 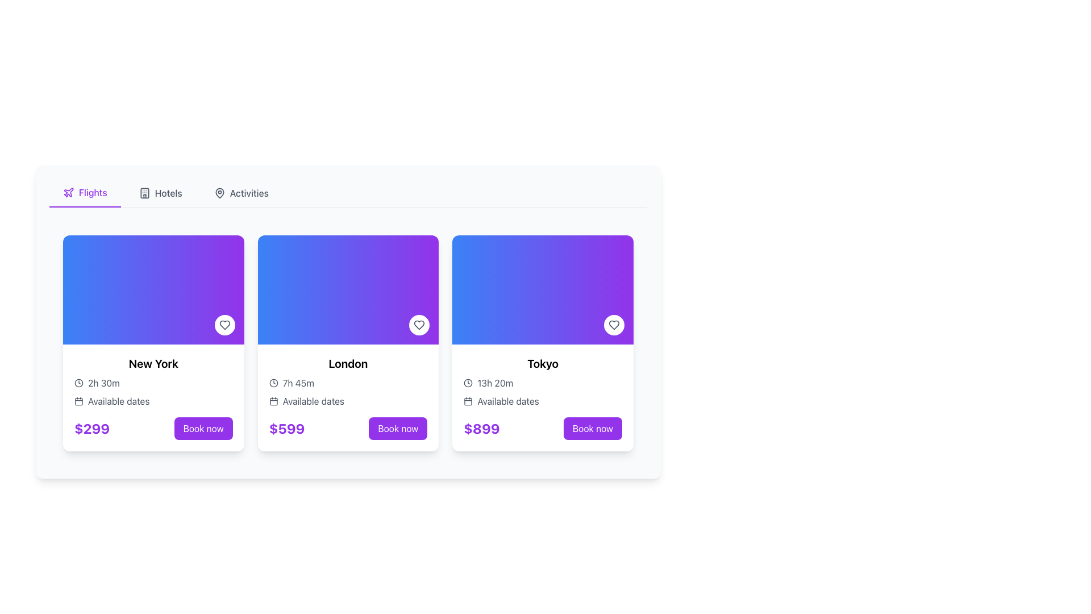 What do you see at coordinates (273, 383) in the screenshot?
I see `the Clock icon located within the 'London' card, positioned to the left of the text '7h 45m'` at bounding box center [273, 383].